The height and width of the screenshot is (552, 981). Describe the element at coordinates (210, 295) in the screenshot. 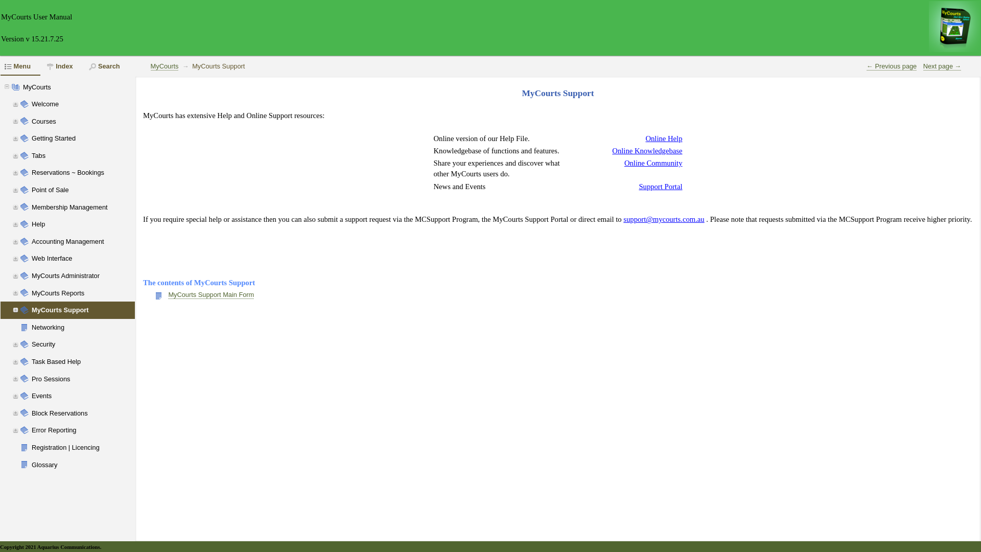

I see `'MyCourts Support Main Form'` at that location.